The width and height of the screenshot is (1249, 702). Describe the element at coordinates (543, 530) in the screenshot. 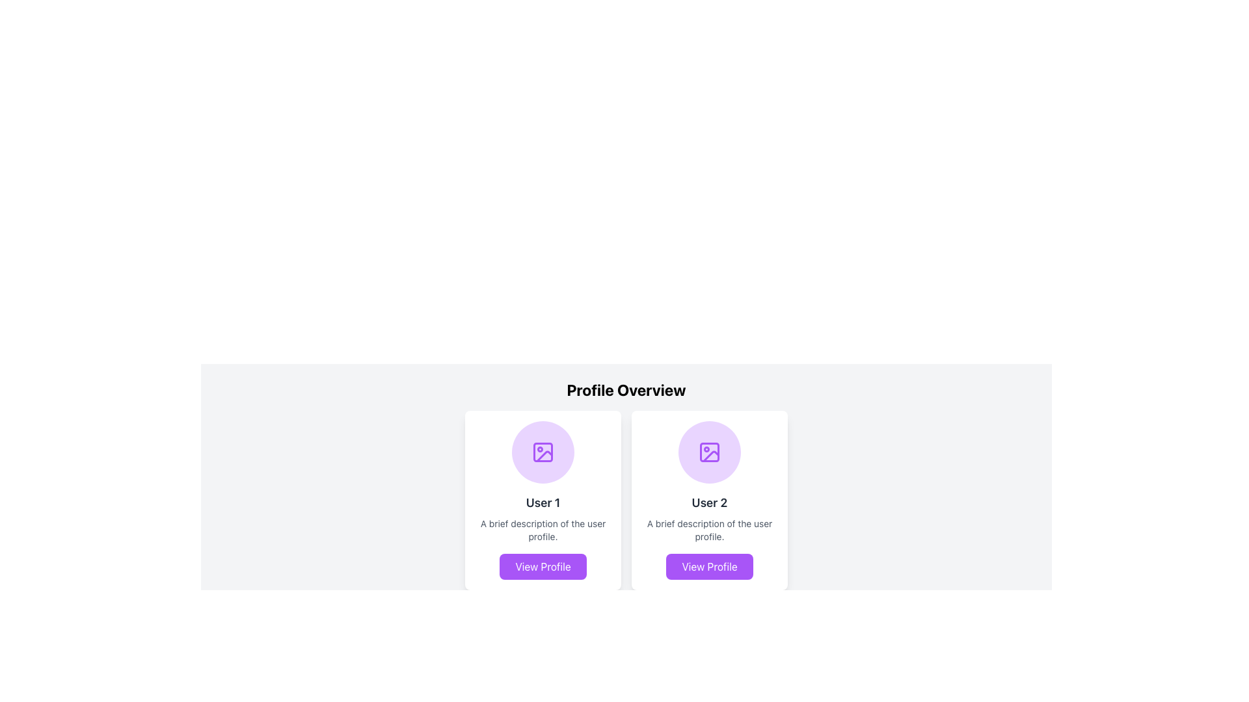

I see `the text label that contains the description 'A brief description of the user profile.' which is positioned below the title 'User 1' and above the 'View Profile' button in the left card of a two-card layout` at that location.